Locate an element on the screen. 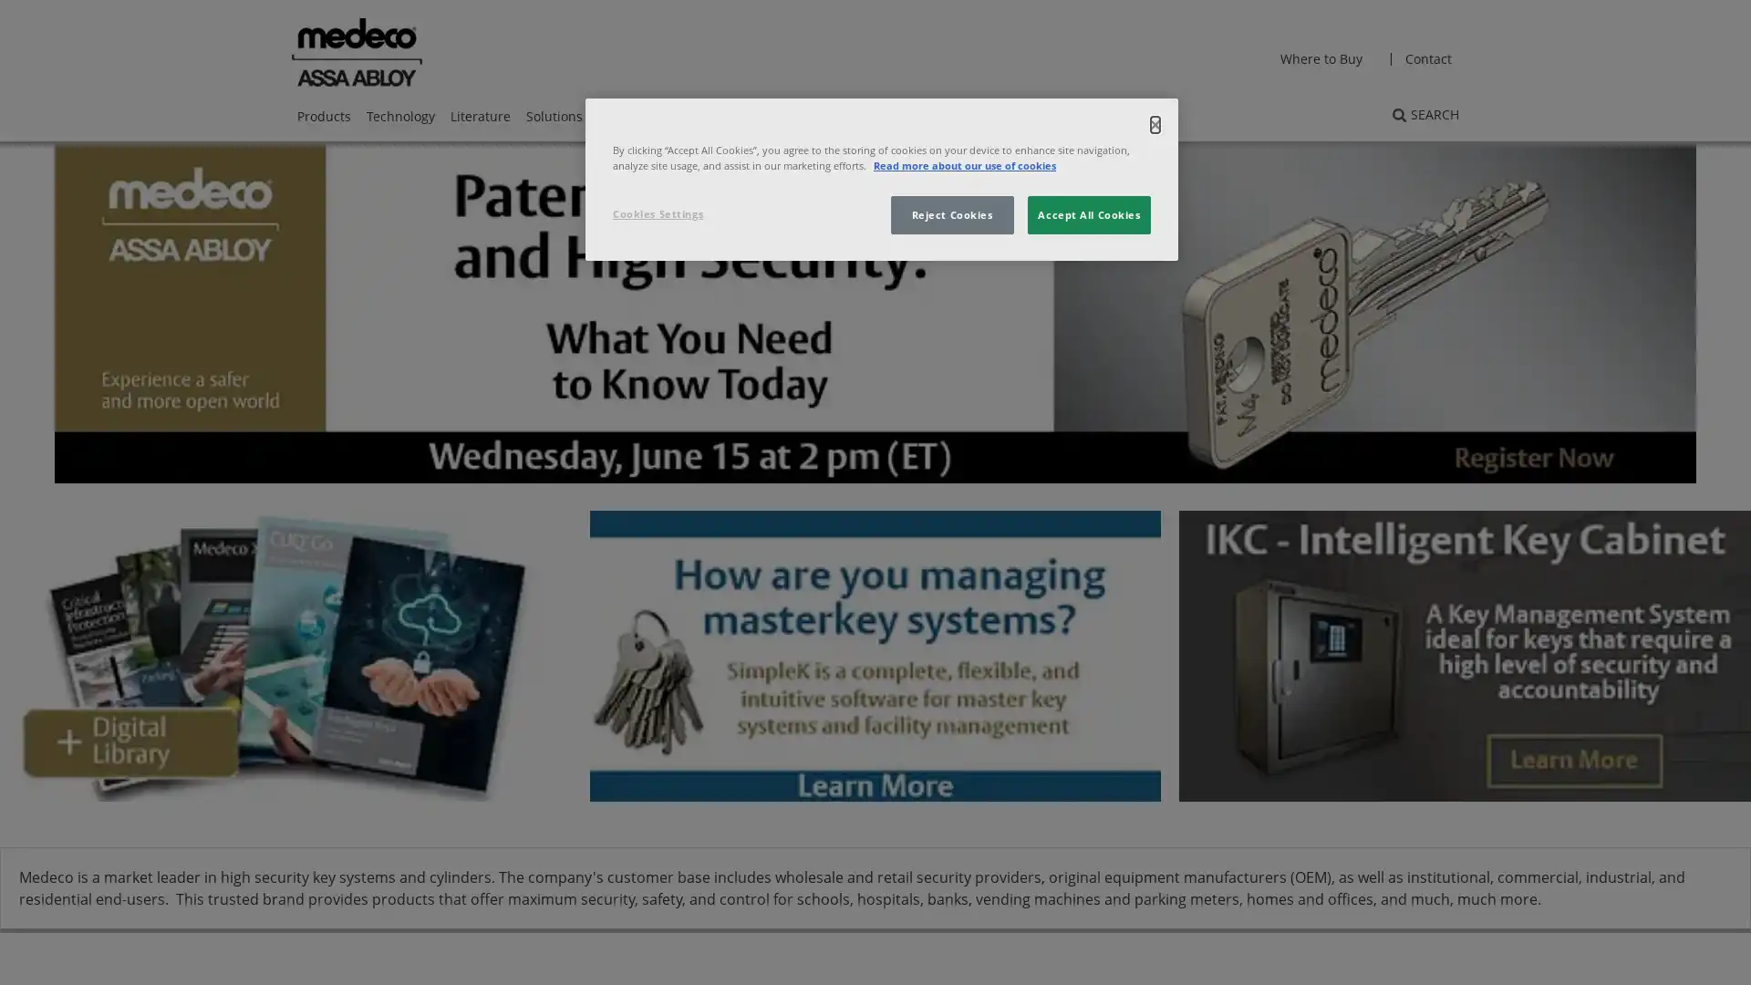  Close is located at coordinates (1154, 124).